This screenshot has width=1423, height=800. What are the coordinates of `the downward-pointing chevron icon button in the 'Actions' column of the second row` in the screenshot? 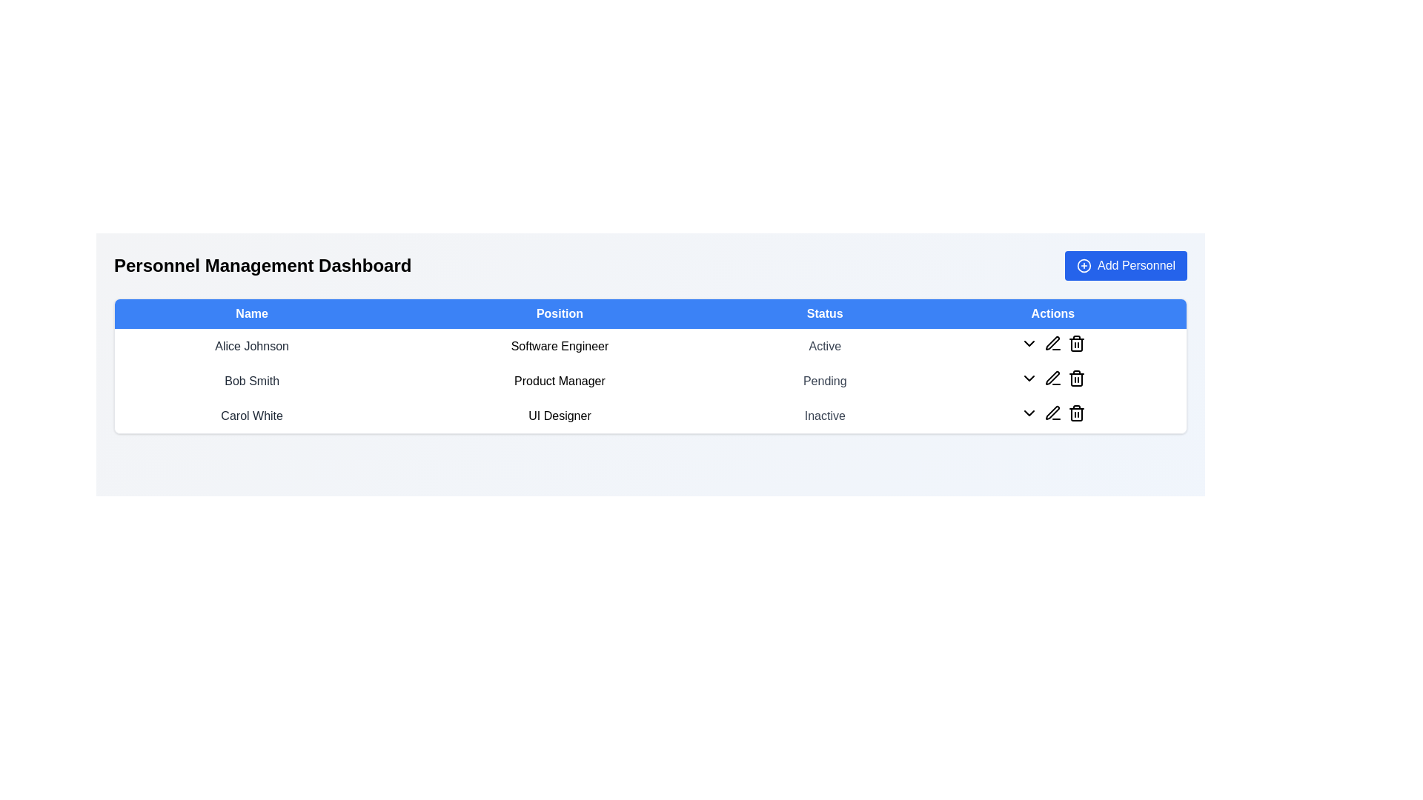 It's located at (1028, 377).